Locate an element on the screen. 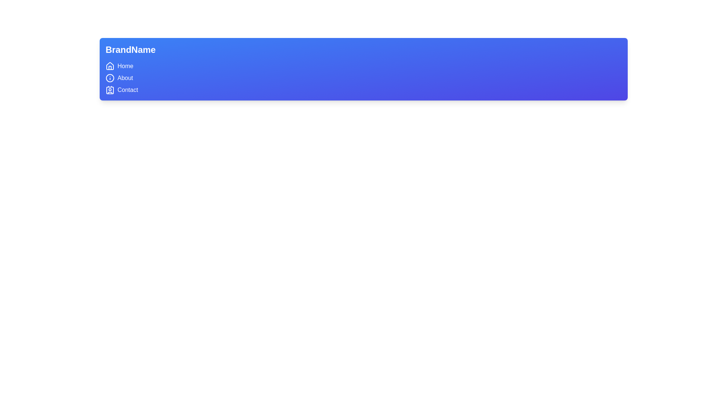 The width and height of the screenshot is (714, 402). the SVG icon representing a house, which is located to the left of the 'Home' text in the navigation section is located at coordinates (110, 66).